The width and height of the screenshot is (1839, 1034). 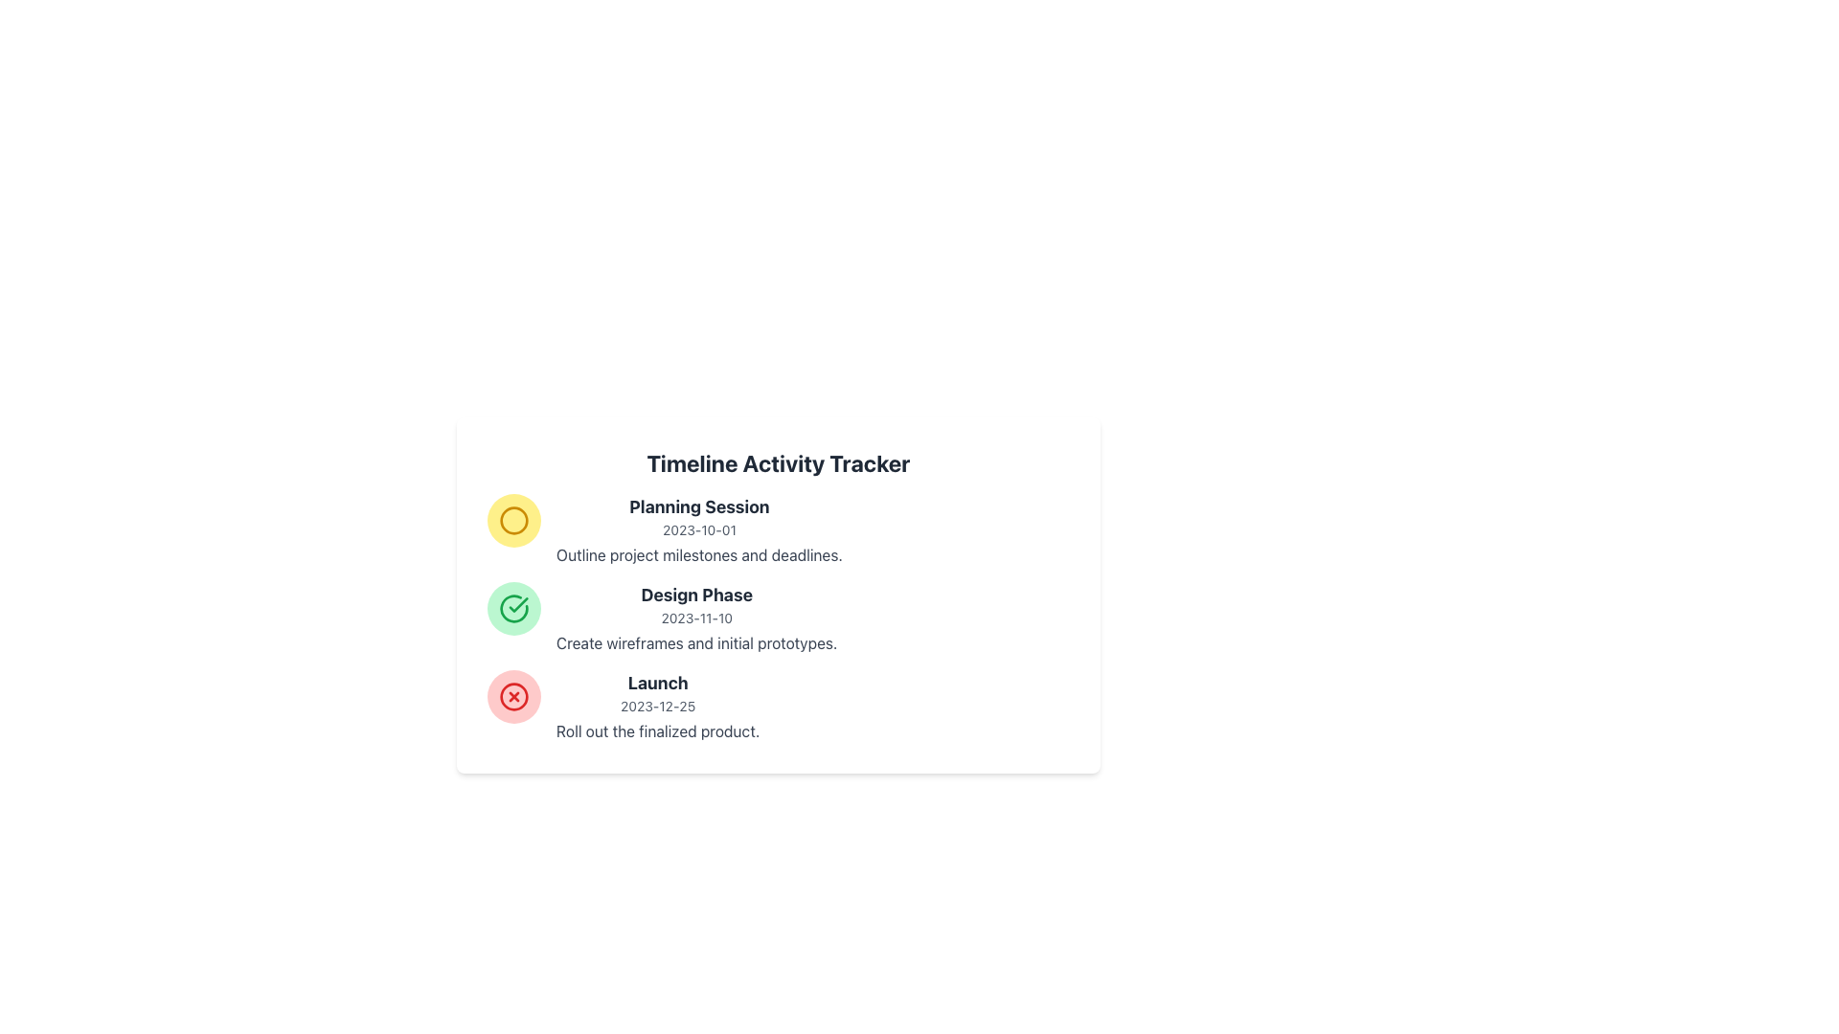 What do you see at coordinates (657, 682) in the screenshot?
I see `the 'Launch' text label, which serves as a header indicating a specific phase of the timeline` at bounding box center [657, 682].